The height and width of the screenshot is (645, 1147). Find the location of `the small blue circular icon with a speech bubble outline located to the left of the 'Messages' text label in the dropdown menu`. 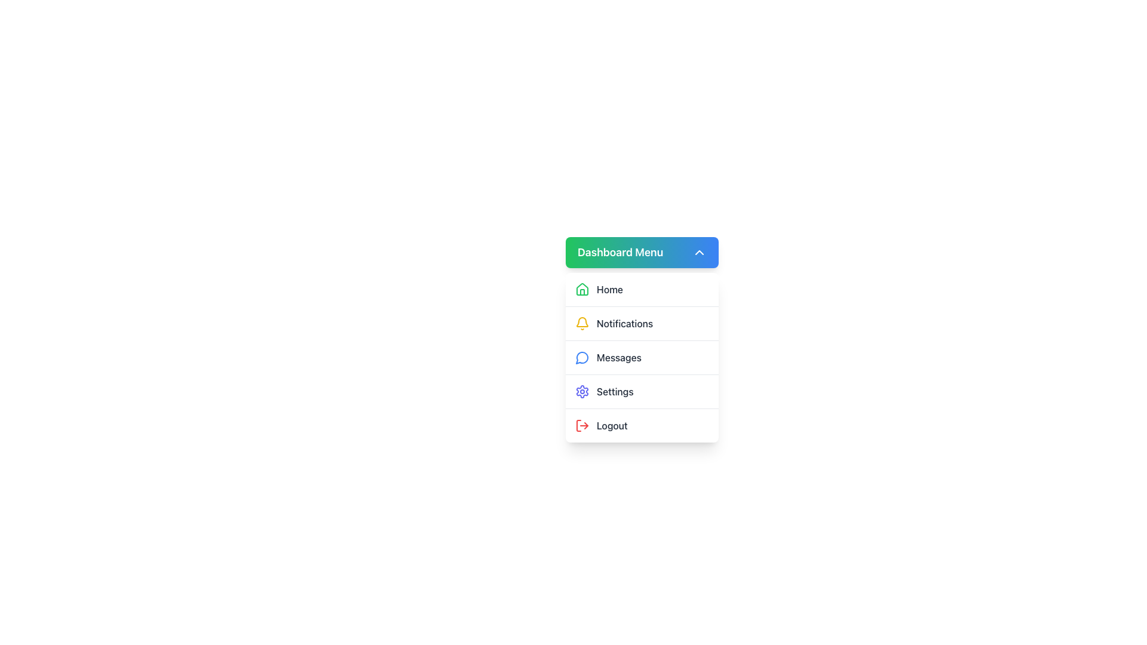

the small blue circular icon with a speech bubble outline located to the left of the 'Messages' text label in the dropdown menu is located at coordinates (582, 357).